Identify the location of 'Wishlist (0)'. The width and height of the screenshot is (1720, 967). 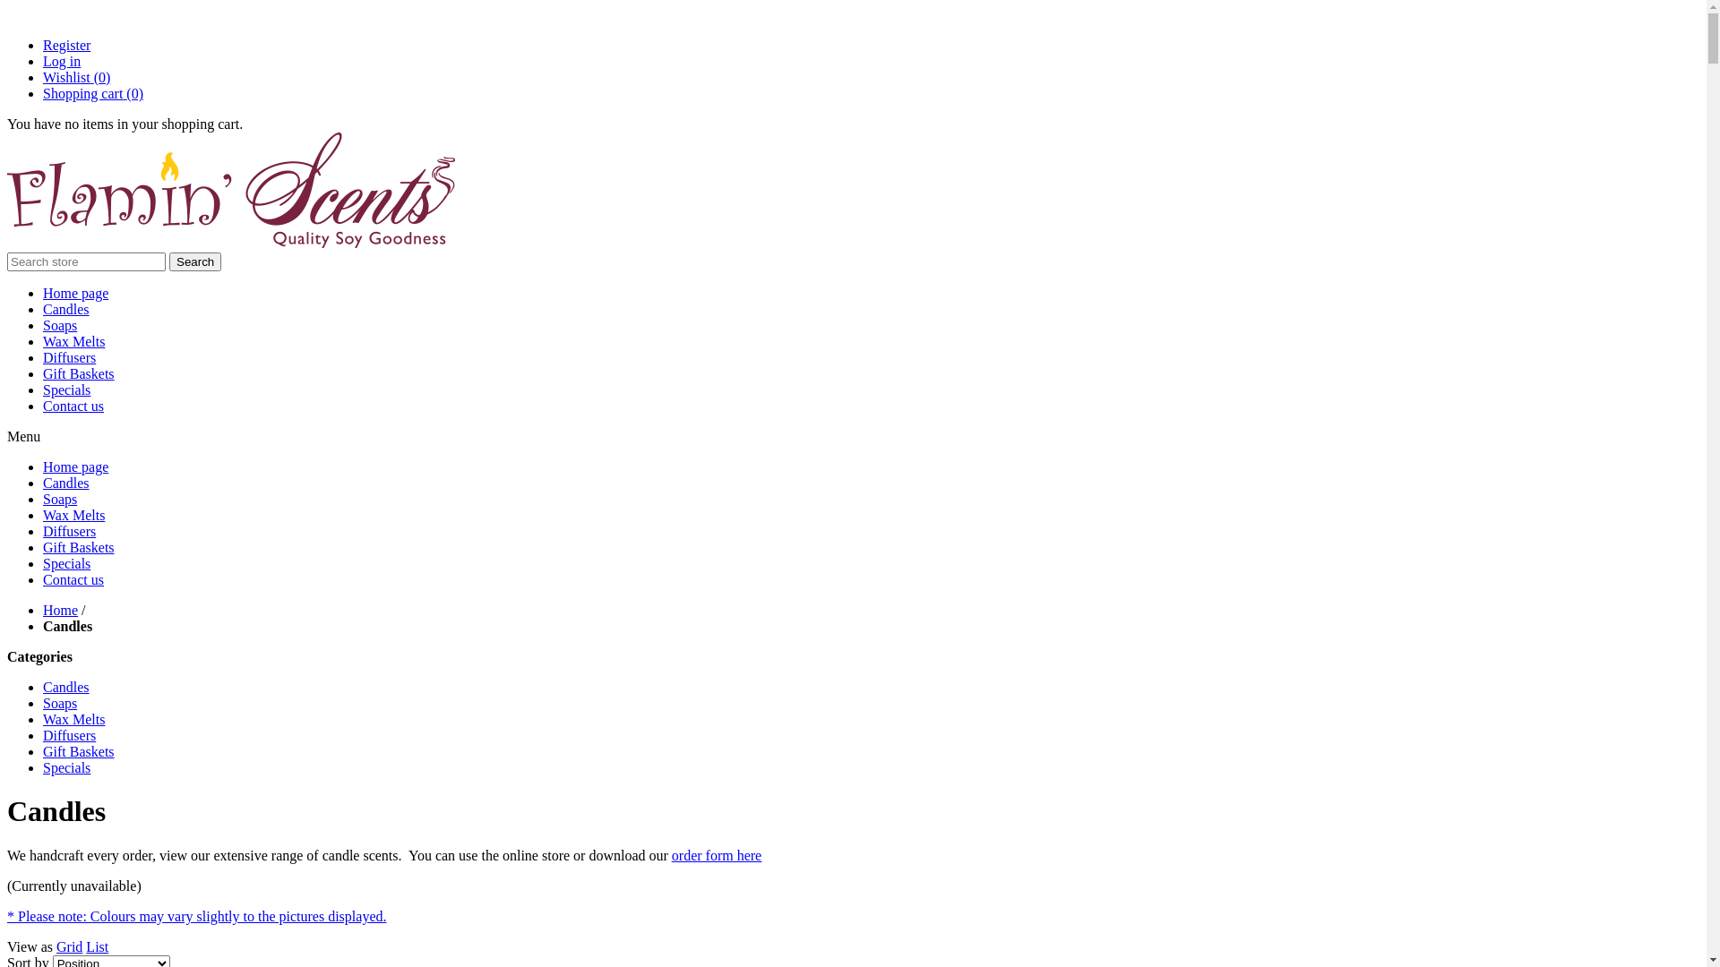
(75, 76).